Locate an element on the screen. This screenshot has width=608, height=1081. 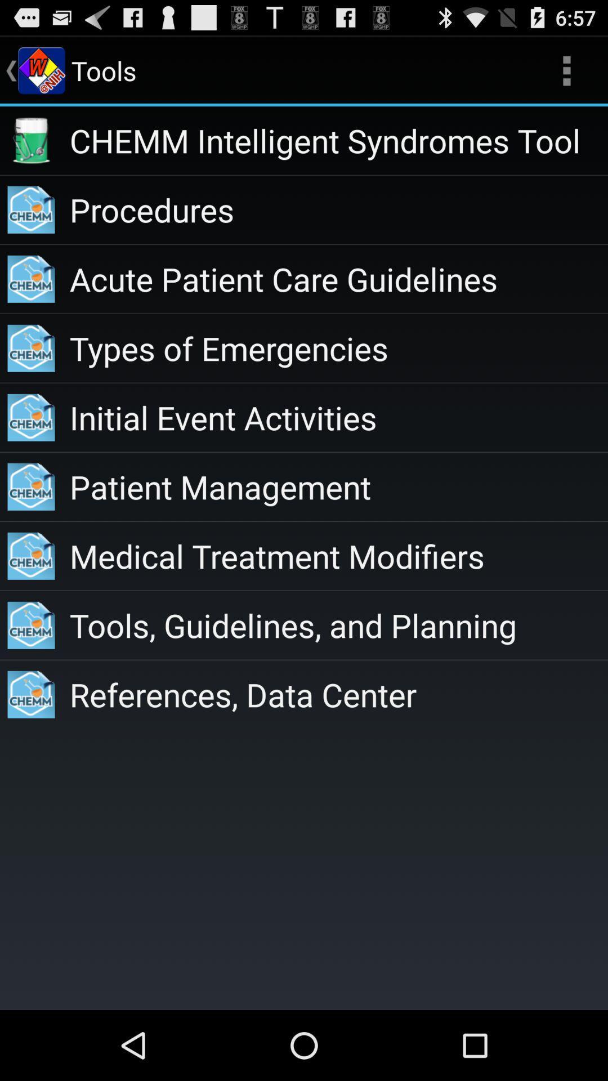
the icon below tools guidelines and icon is located at coordinates (338, 694).